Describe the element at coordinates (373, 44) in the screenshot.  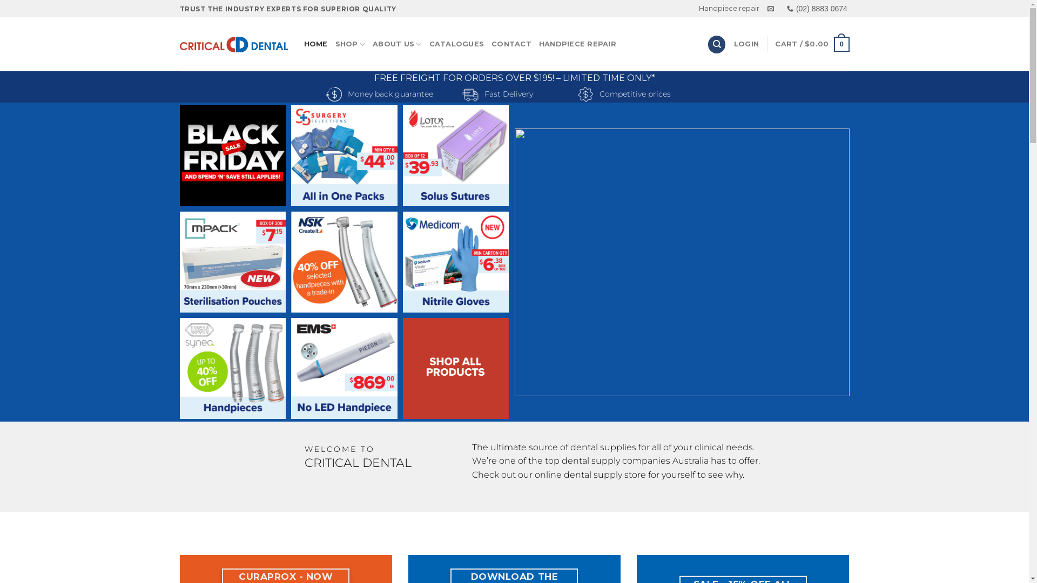
I see `'ABOUT US'` at that location.